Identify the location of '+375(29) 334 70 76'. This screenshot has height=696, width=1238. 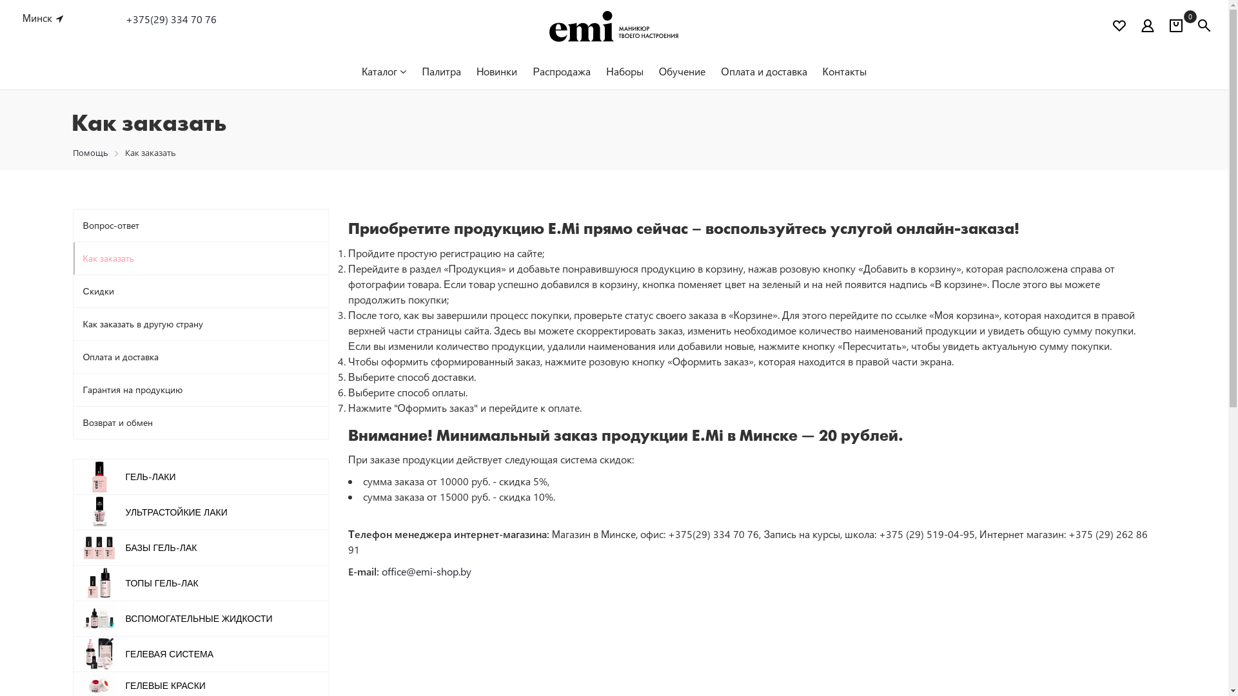
(126, 19).